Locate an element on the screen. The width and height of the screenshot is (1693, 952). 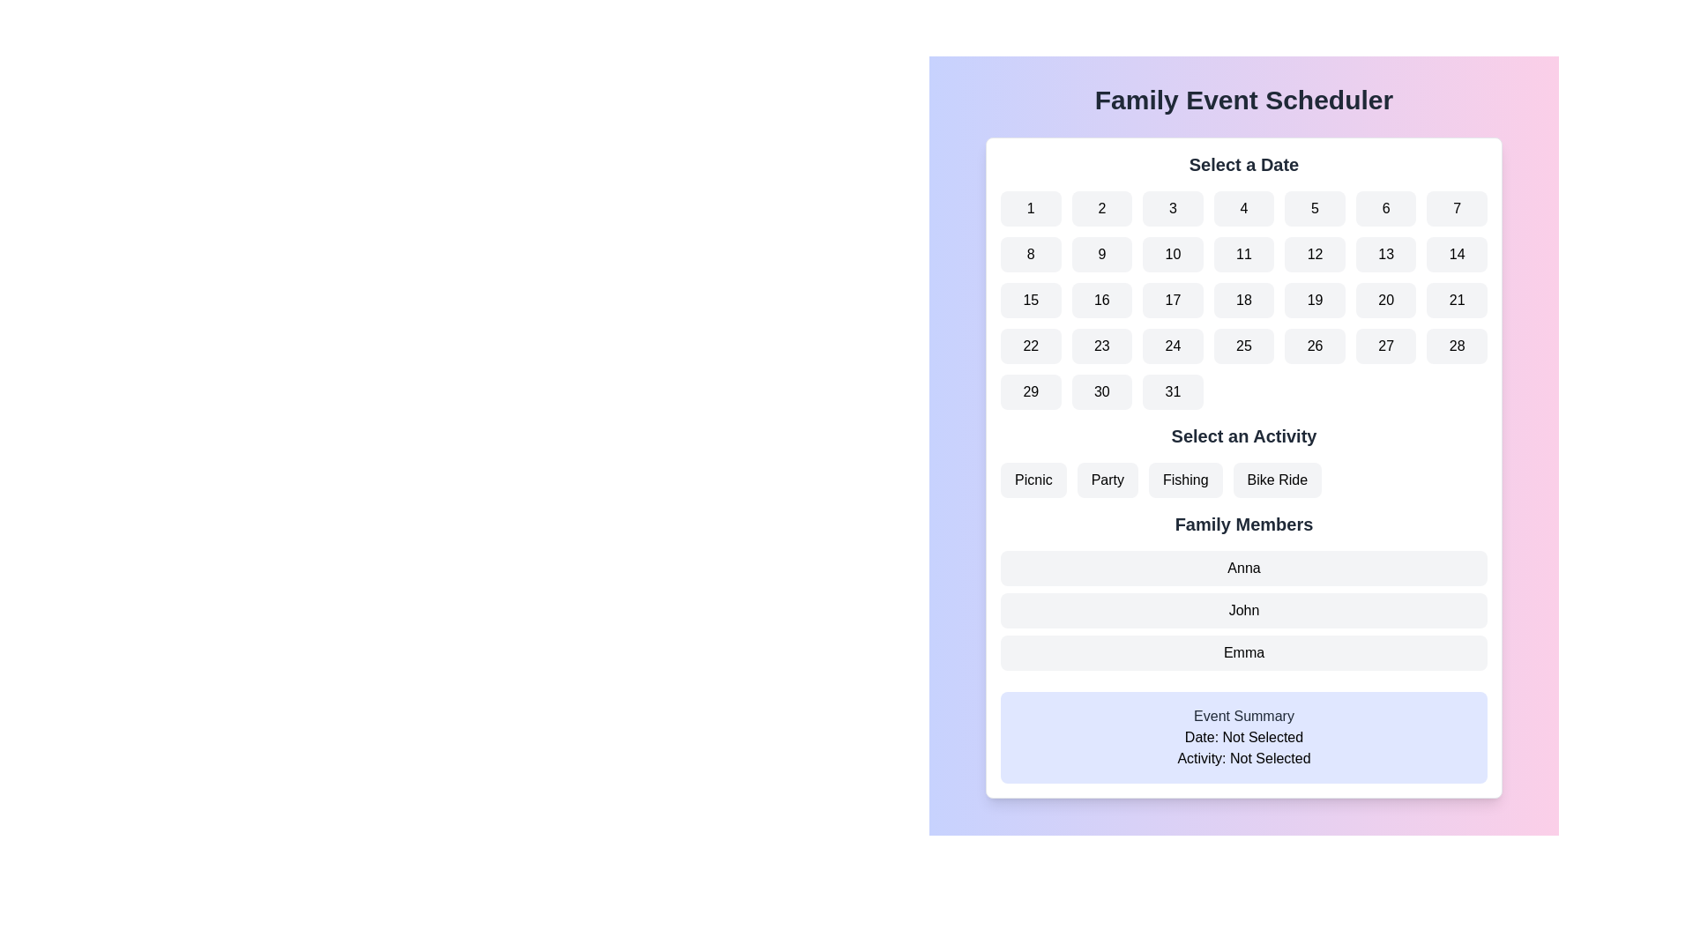
the button labeled '3' with a light gray background and bold black text is located at coordinates (1173, 207).